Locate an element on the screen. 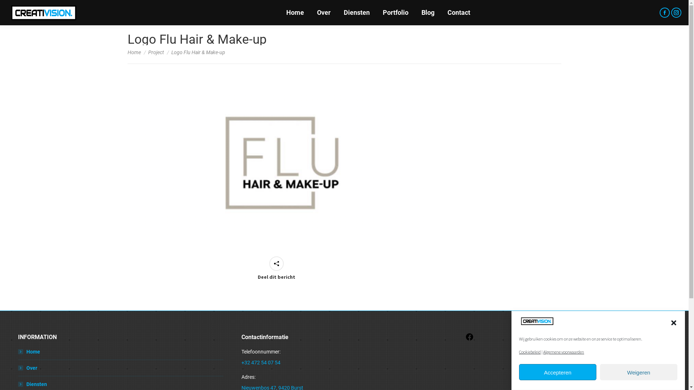  'Facebook' is located at coordinates (470, 339).